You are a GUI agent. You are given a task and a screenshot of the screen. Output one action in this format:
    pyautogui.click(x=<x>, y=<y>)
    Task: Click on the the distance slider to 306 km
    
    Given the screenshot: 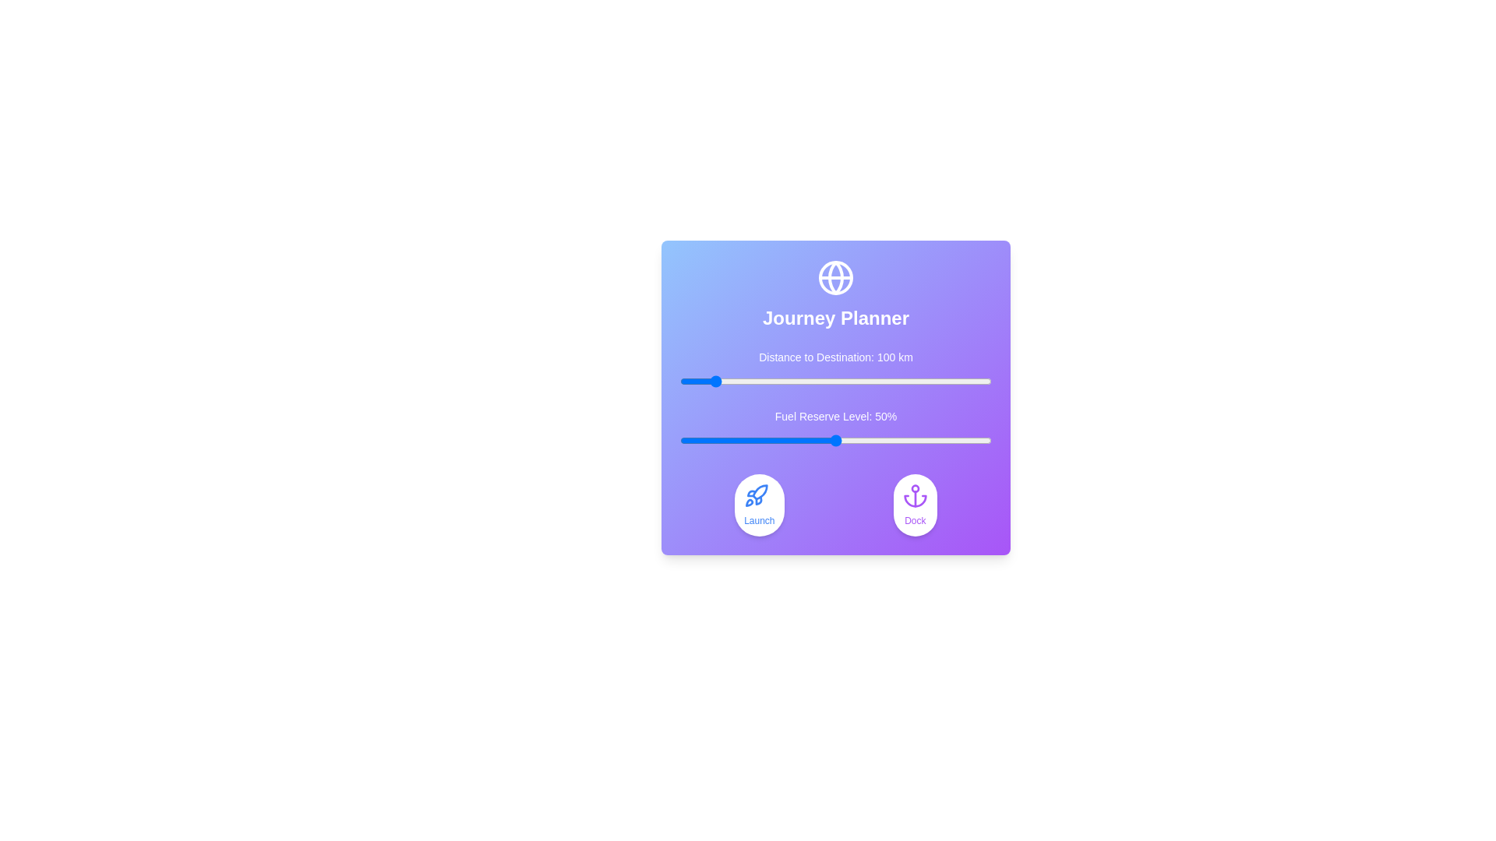 What is the action you would take?
    pyautogui.click(x=775, y=381)
    